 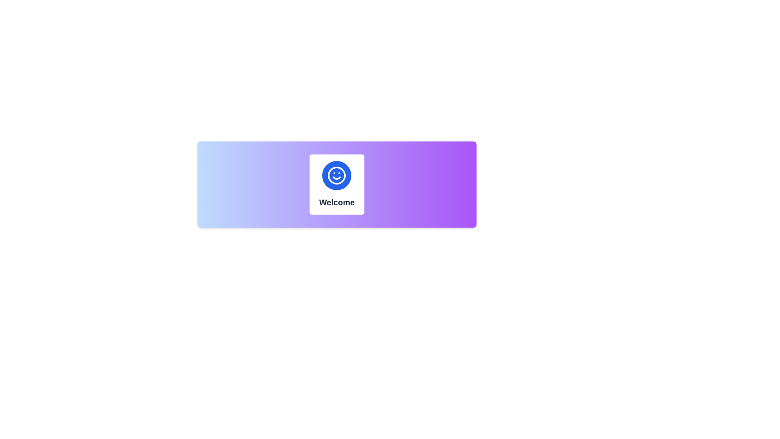 I want to click on the smiley face icon styled in an outlined SVG format, which is centrally located within a light blue-to-purple gradient box and above the text 'Welcome', so click(x=337, y=175).